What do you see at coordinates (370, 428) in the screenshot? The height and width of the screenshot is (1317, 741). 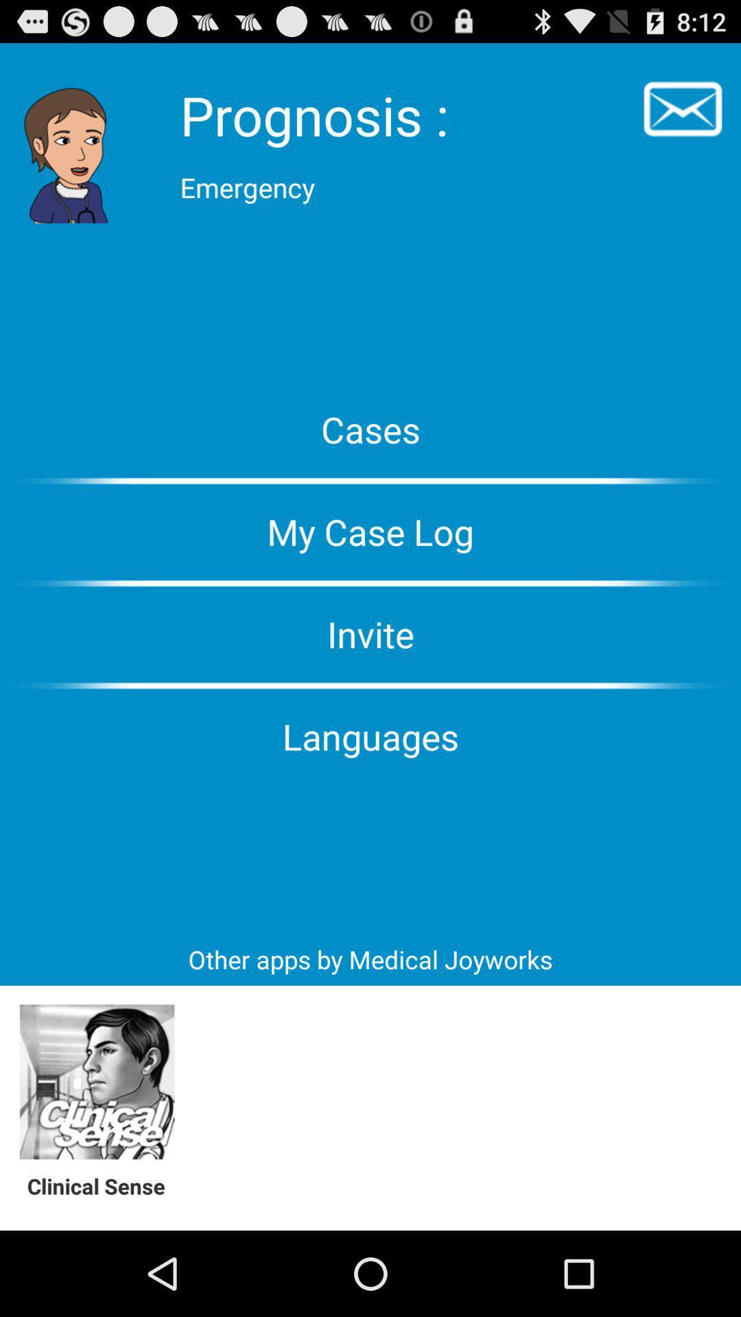 I see `the cases icon` at bounding box center [370, 428].